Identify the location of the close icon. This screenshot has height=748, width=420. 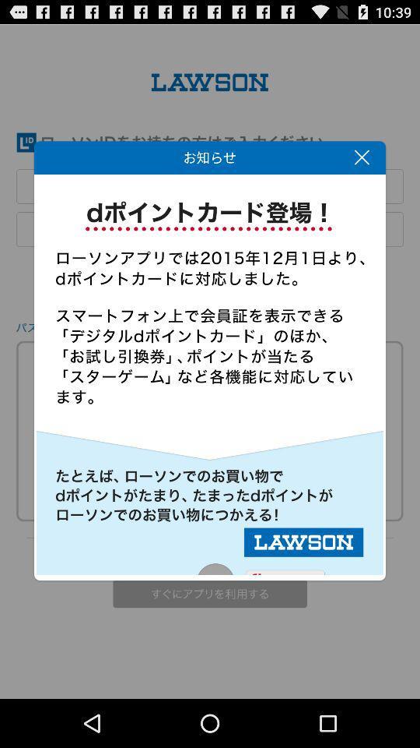
(362, 168).